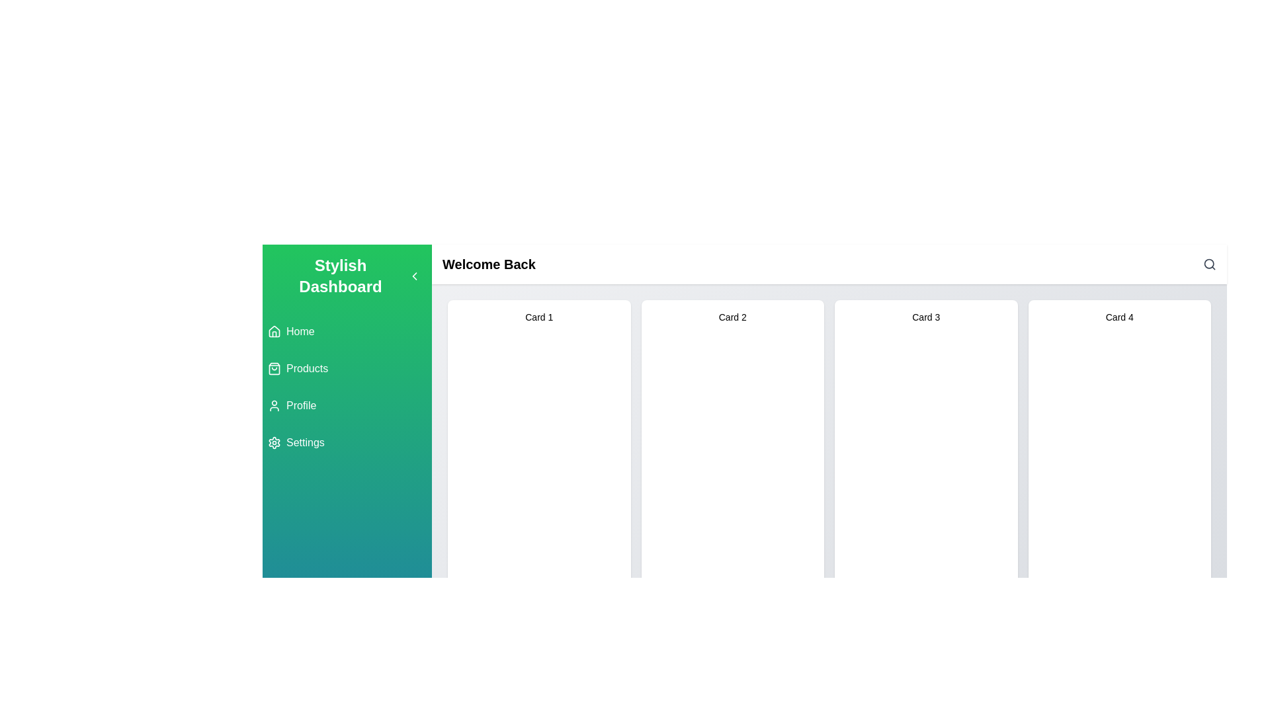  Describe the element at coordinates (273, 331) in the screenshot. I see `the house-shaped icon located in the green sidebar, which is positioned to the left of the 'Home' text` at that location.